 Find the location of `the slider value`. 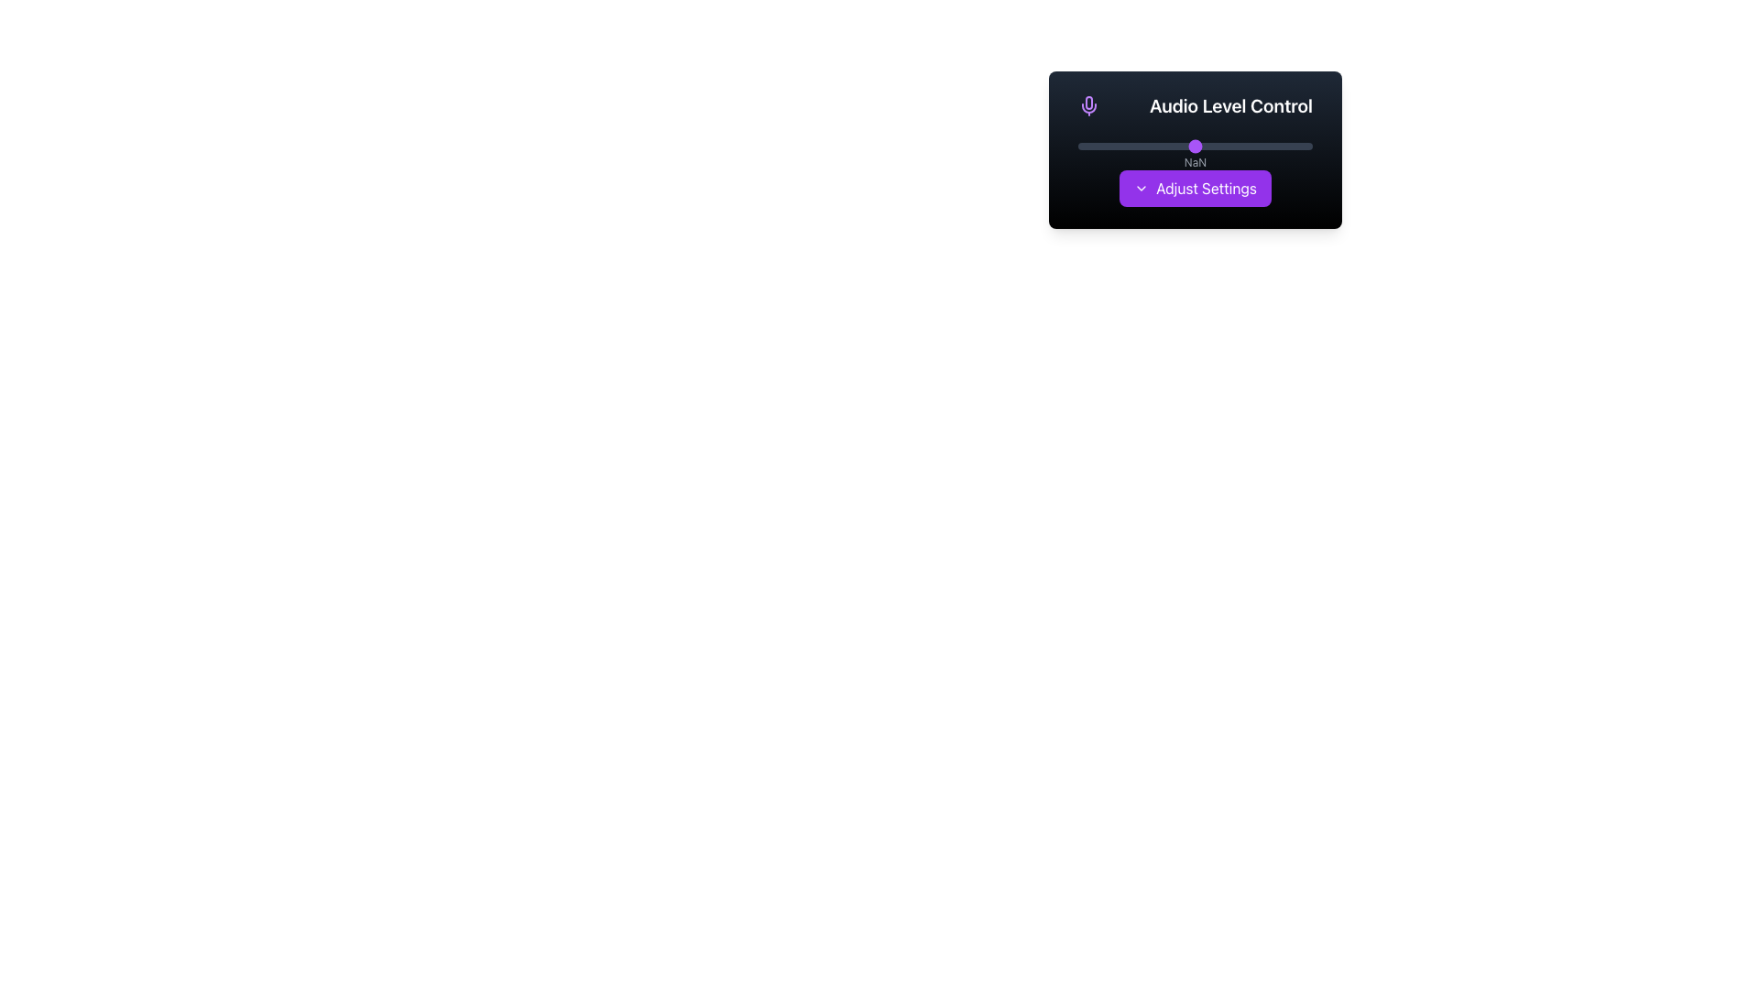

the slider value is located at coordinates (1196, 145).